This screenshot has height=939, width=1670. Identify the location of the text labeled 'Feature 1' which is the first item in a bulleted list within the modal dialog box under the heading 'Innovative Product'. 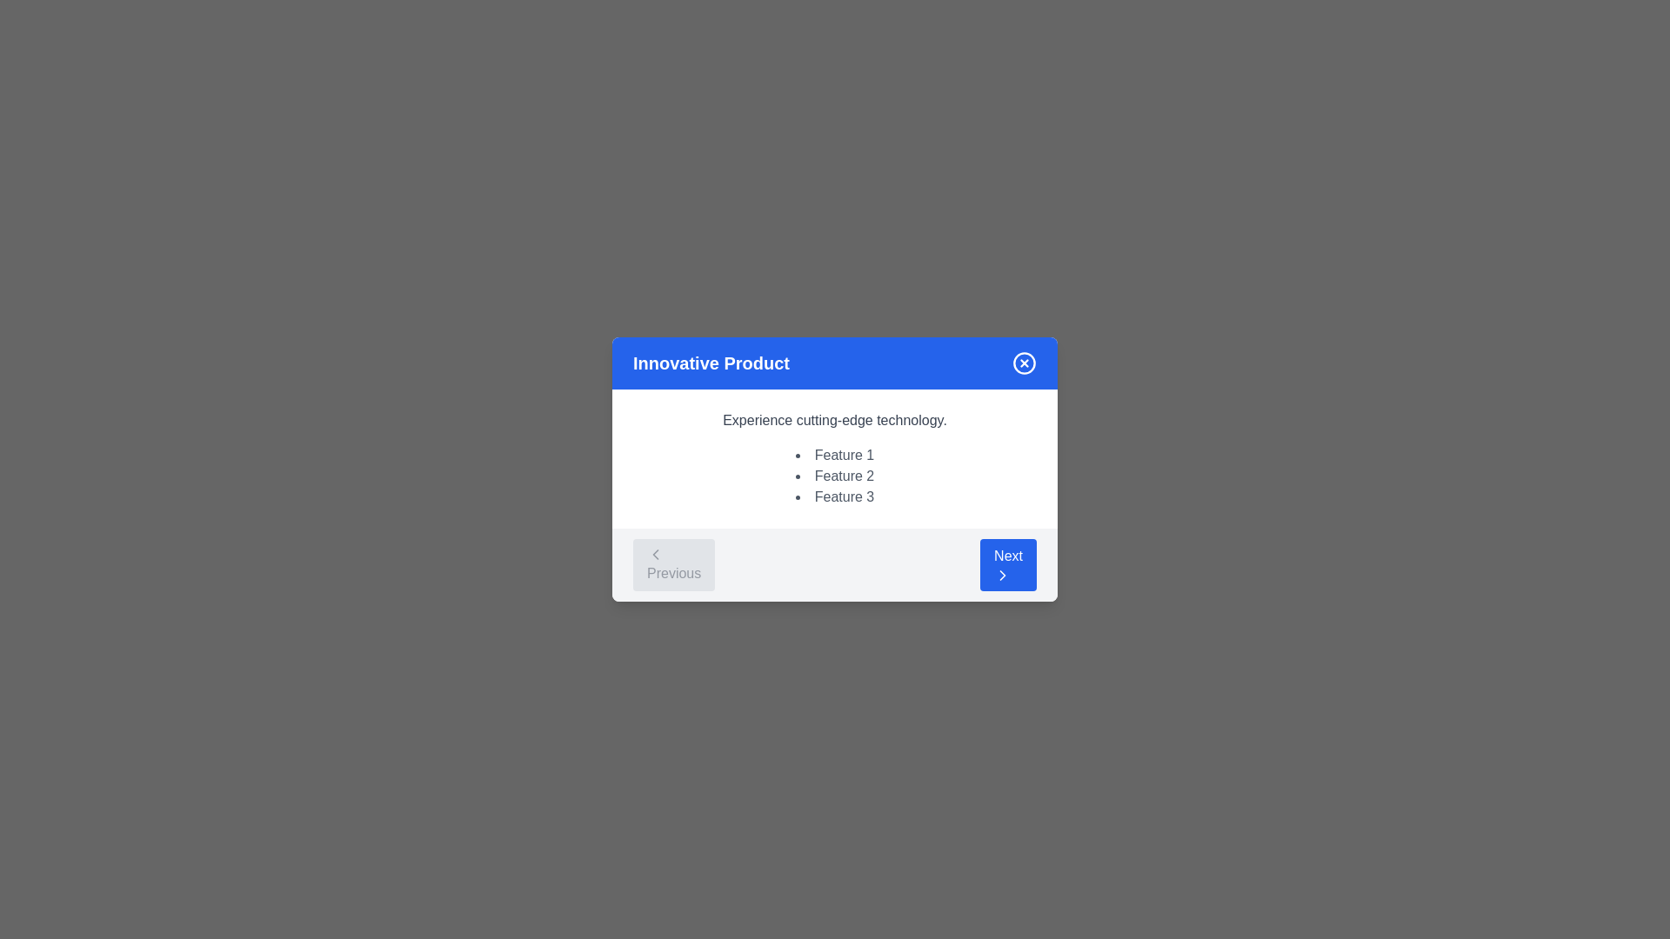
(835, 455).